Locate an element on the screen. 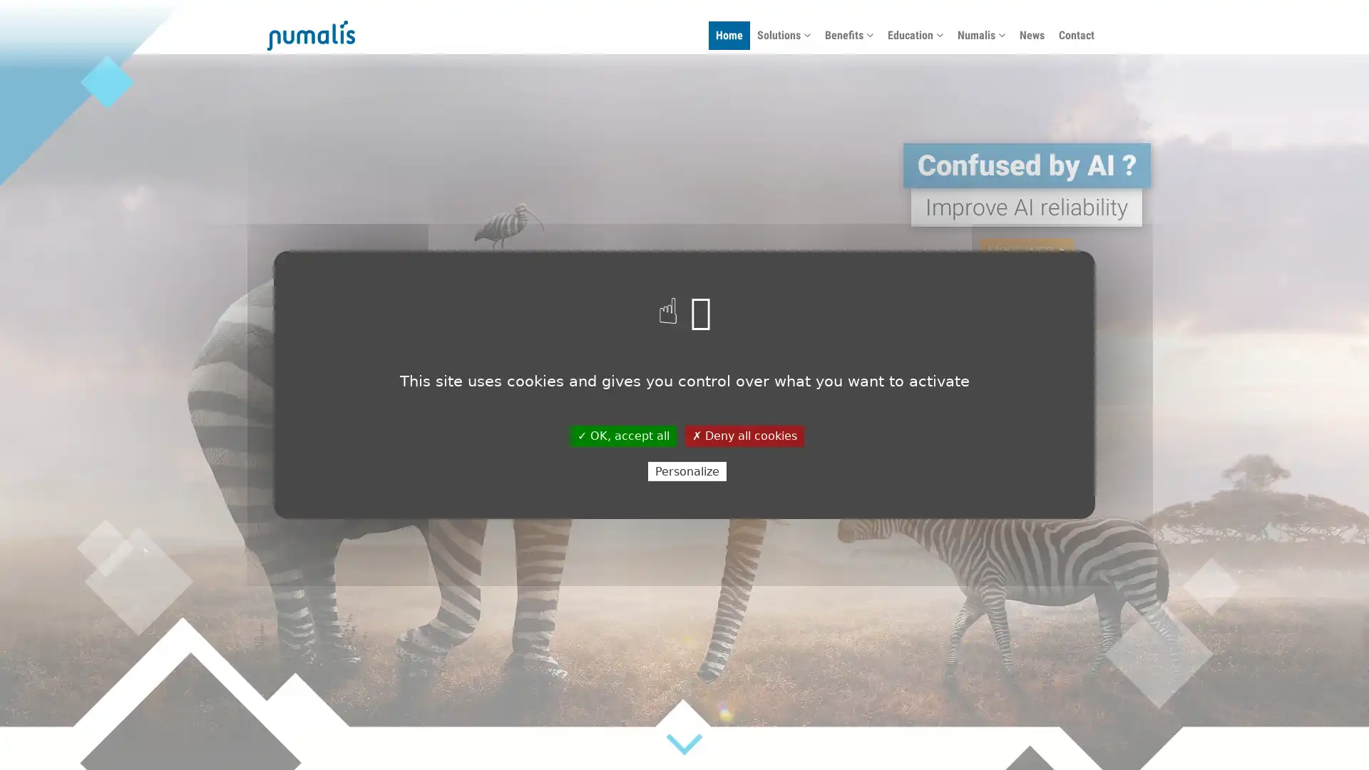  Personalize is located at coordinates (687, 471).